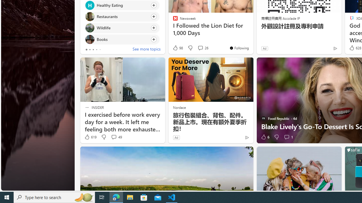 This screenshot has height=203, width=362. What do you see at coordinates (86, 49) in the screenshot?
I see `'tab-0'` at bounding box center [86, 49].